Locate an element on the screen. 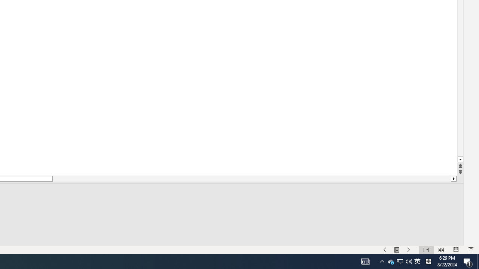 This screenshot has height=269, width=479. 'Notification Chevron' is located at coordinates (382, 261).